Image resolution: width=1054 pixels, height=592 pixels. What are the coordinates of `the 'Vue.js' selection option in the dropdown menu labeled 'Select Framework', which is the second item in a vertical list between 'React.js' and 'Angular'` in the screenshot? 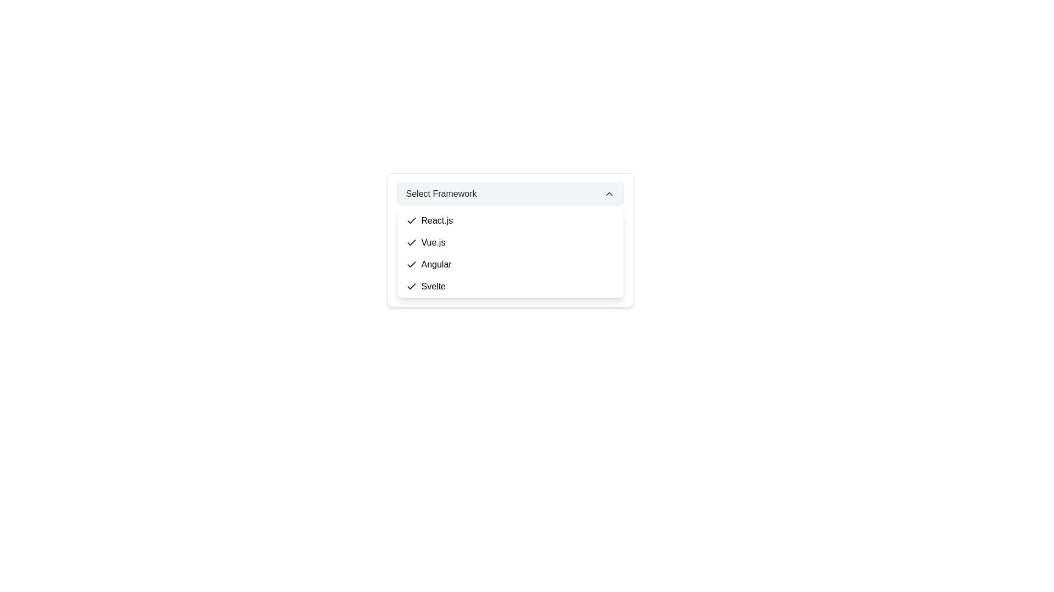 It's located at (433, 242).